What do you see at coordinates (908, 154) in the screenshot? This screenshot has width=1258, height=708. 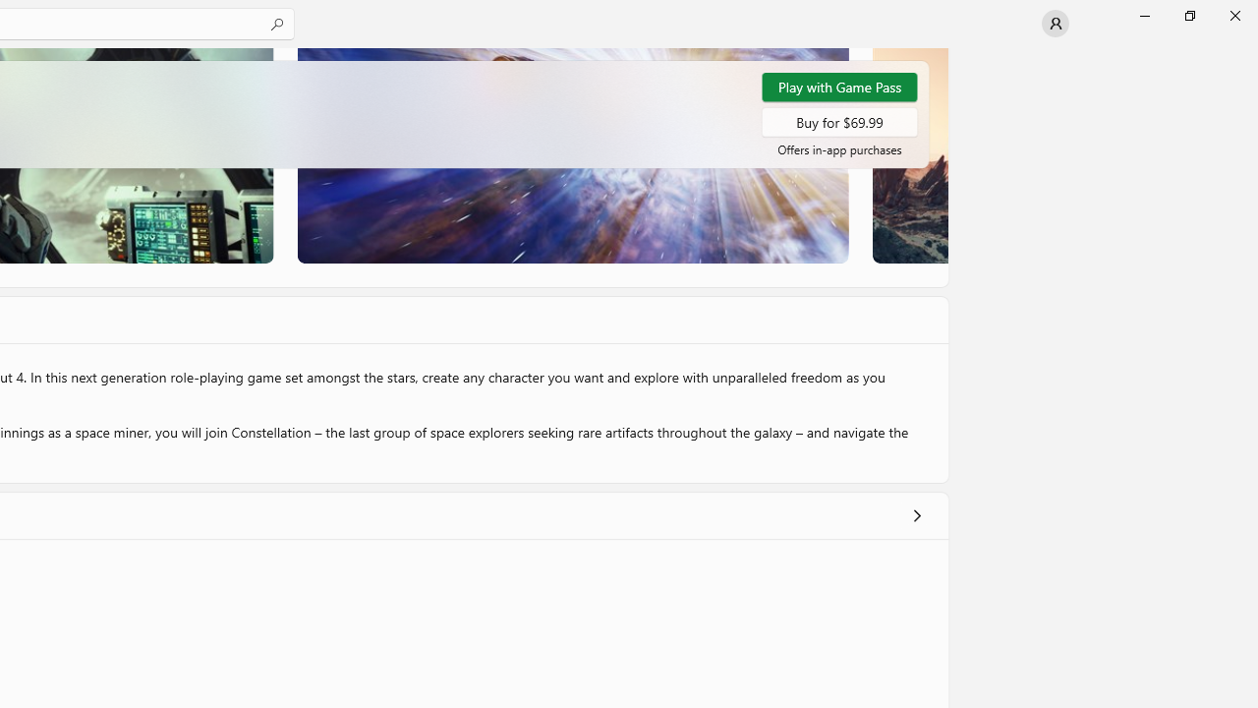 I see `'Screenshot 4'` at bounding box center [908, 154].